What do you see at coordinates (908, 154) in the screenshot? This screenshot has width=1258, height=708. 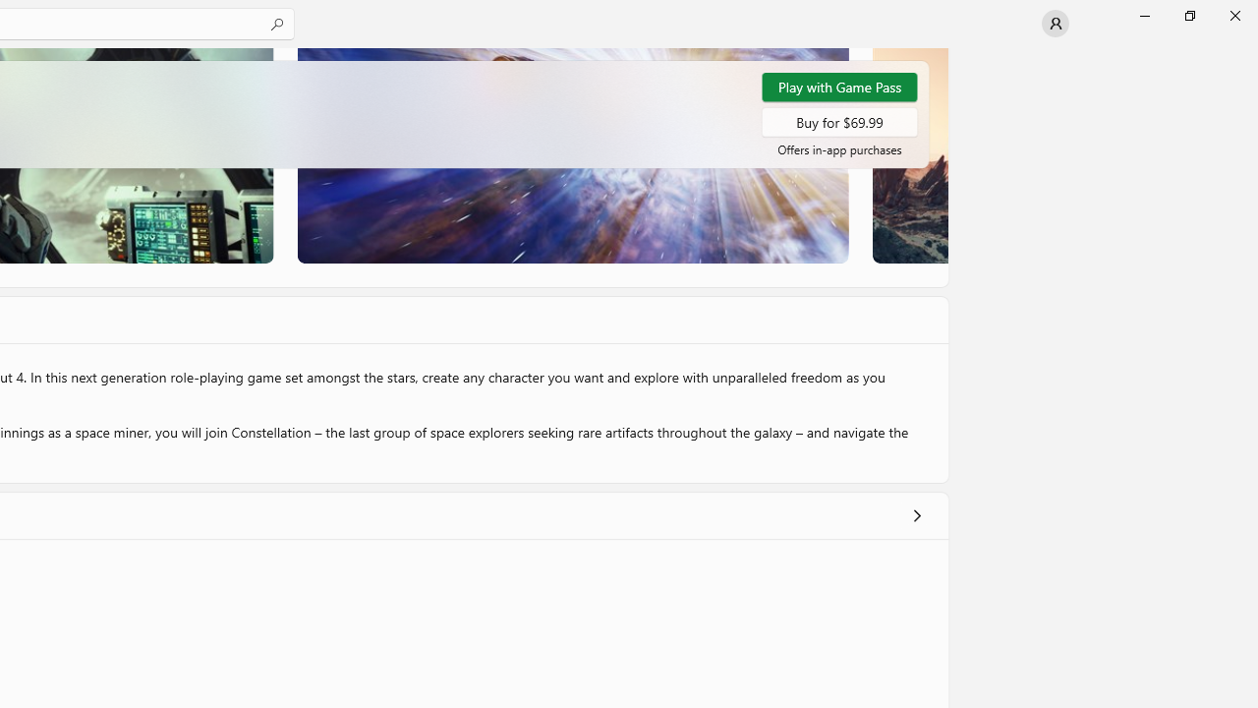 I see `'Screenshot 4'` at bounding box center [908, 154].